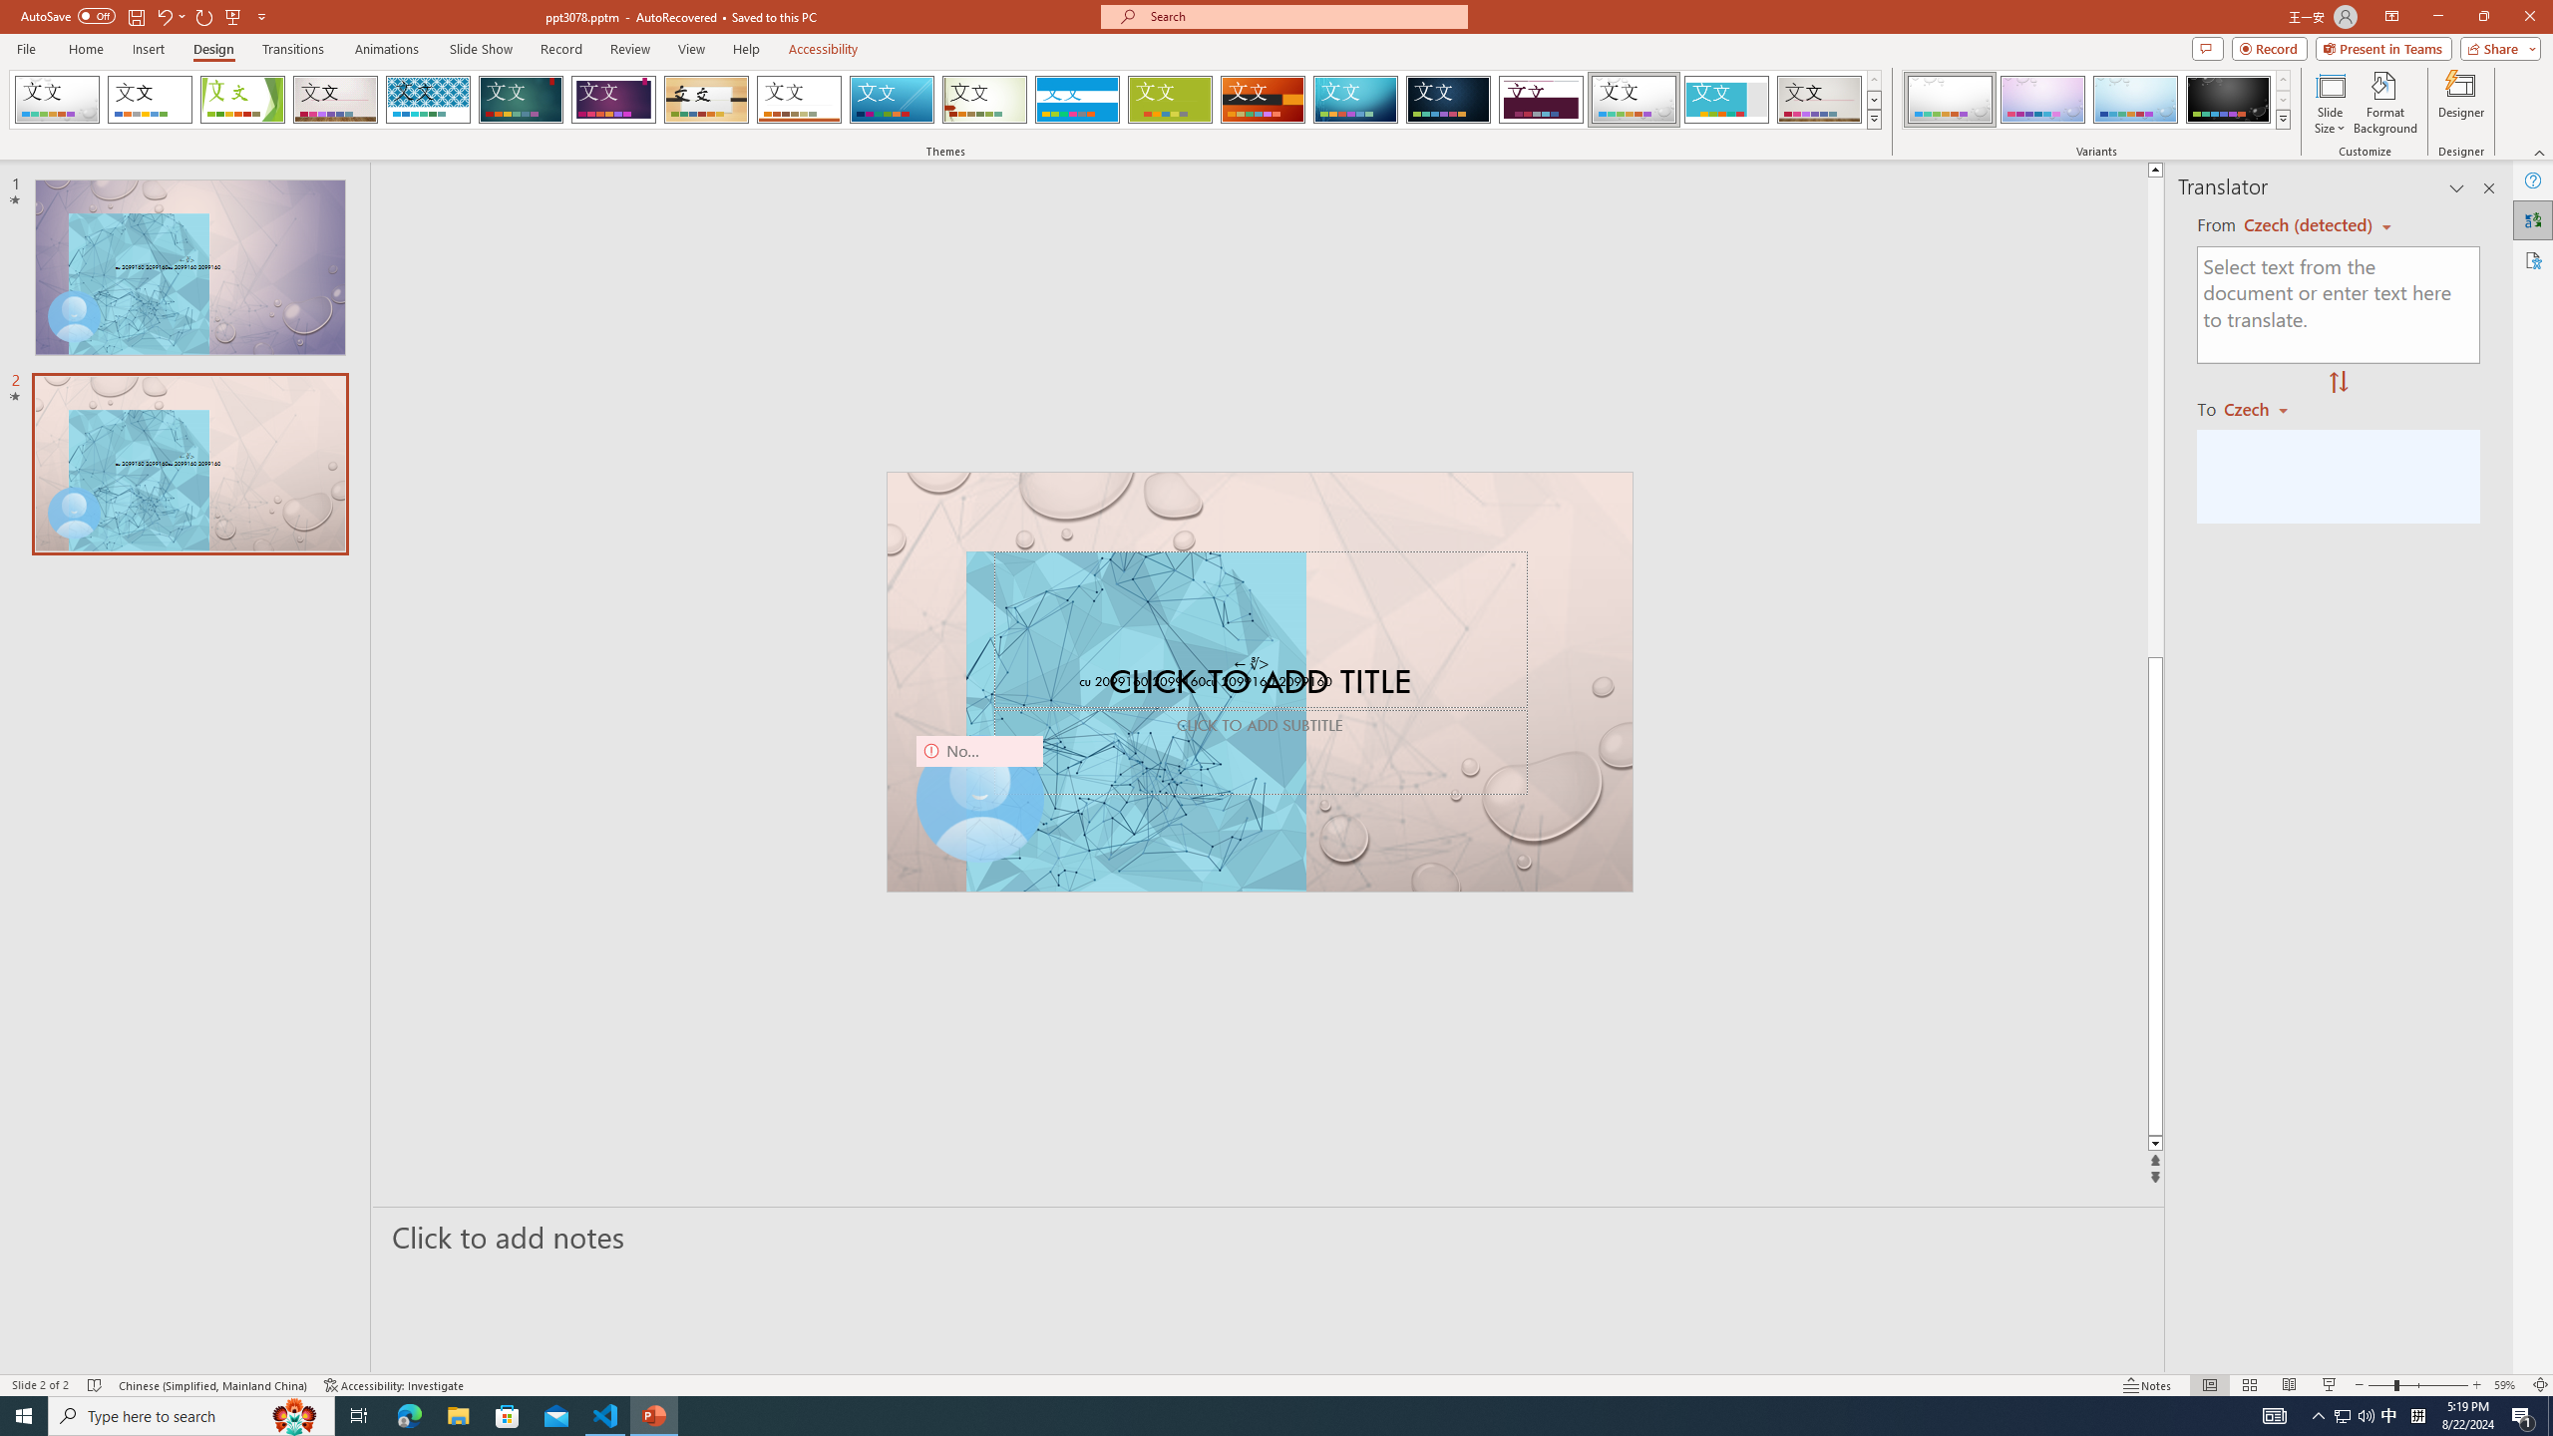  Describe the element at coordinates (944, 99) in the screenshot. I see `'AutomationID: SlideThemesGallery'` at that location.